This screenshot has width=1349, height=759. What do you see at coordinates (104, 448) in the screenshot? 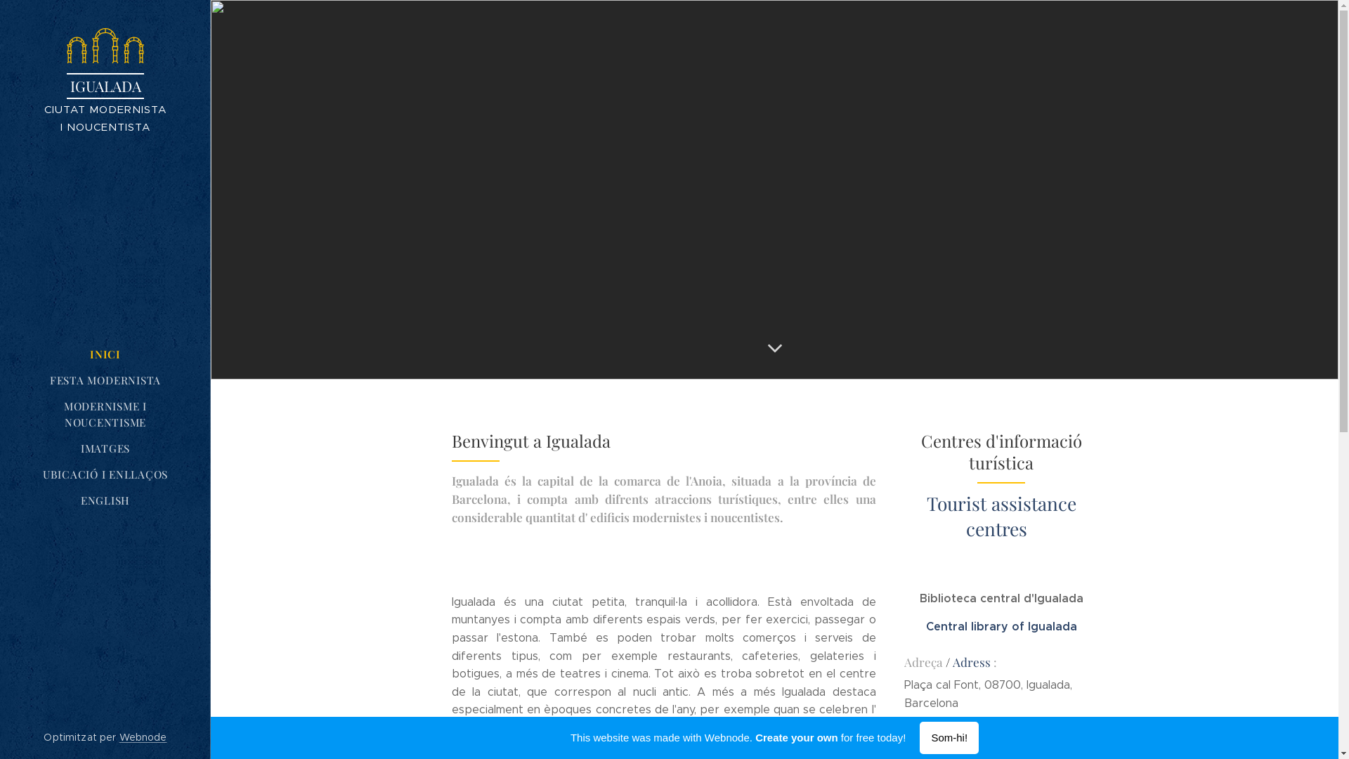
I see `'IMATGES'` at bounding box center [104, 448].